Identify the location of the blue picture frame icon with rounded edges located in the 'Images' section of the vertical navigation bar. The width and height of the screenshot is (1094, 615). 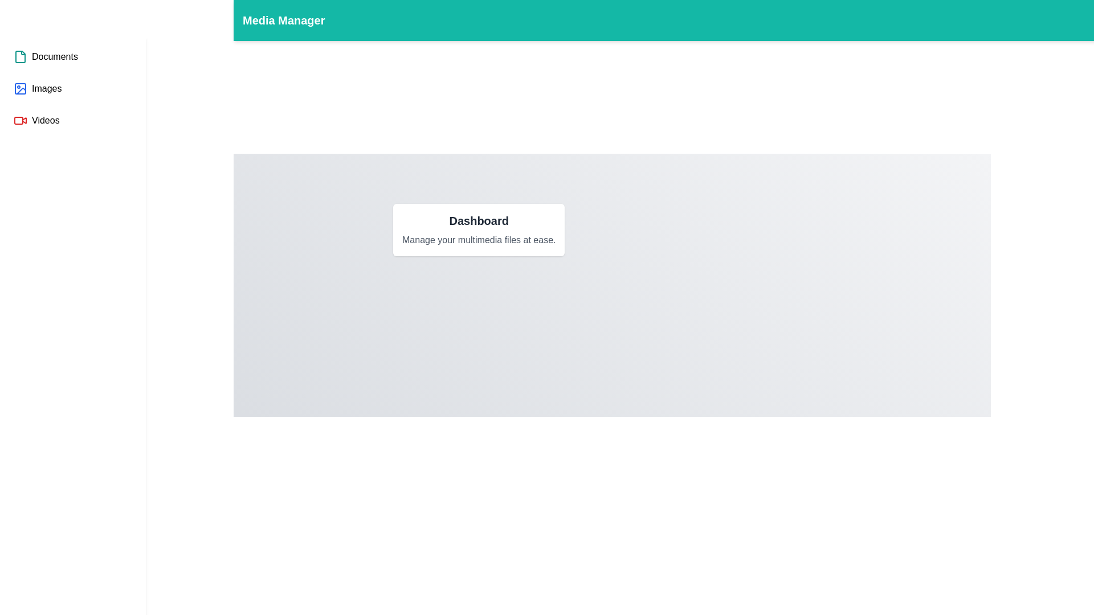
(20, 88).